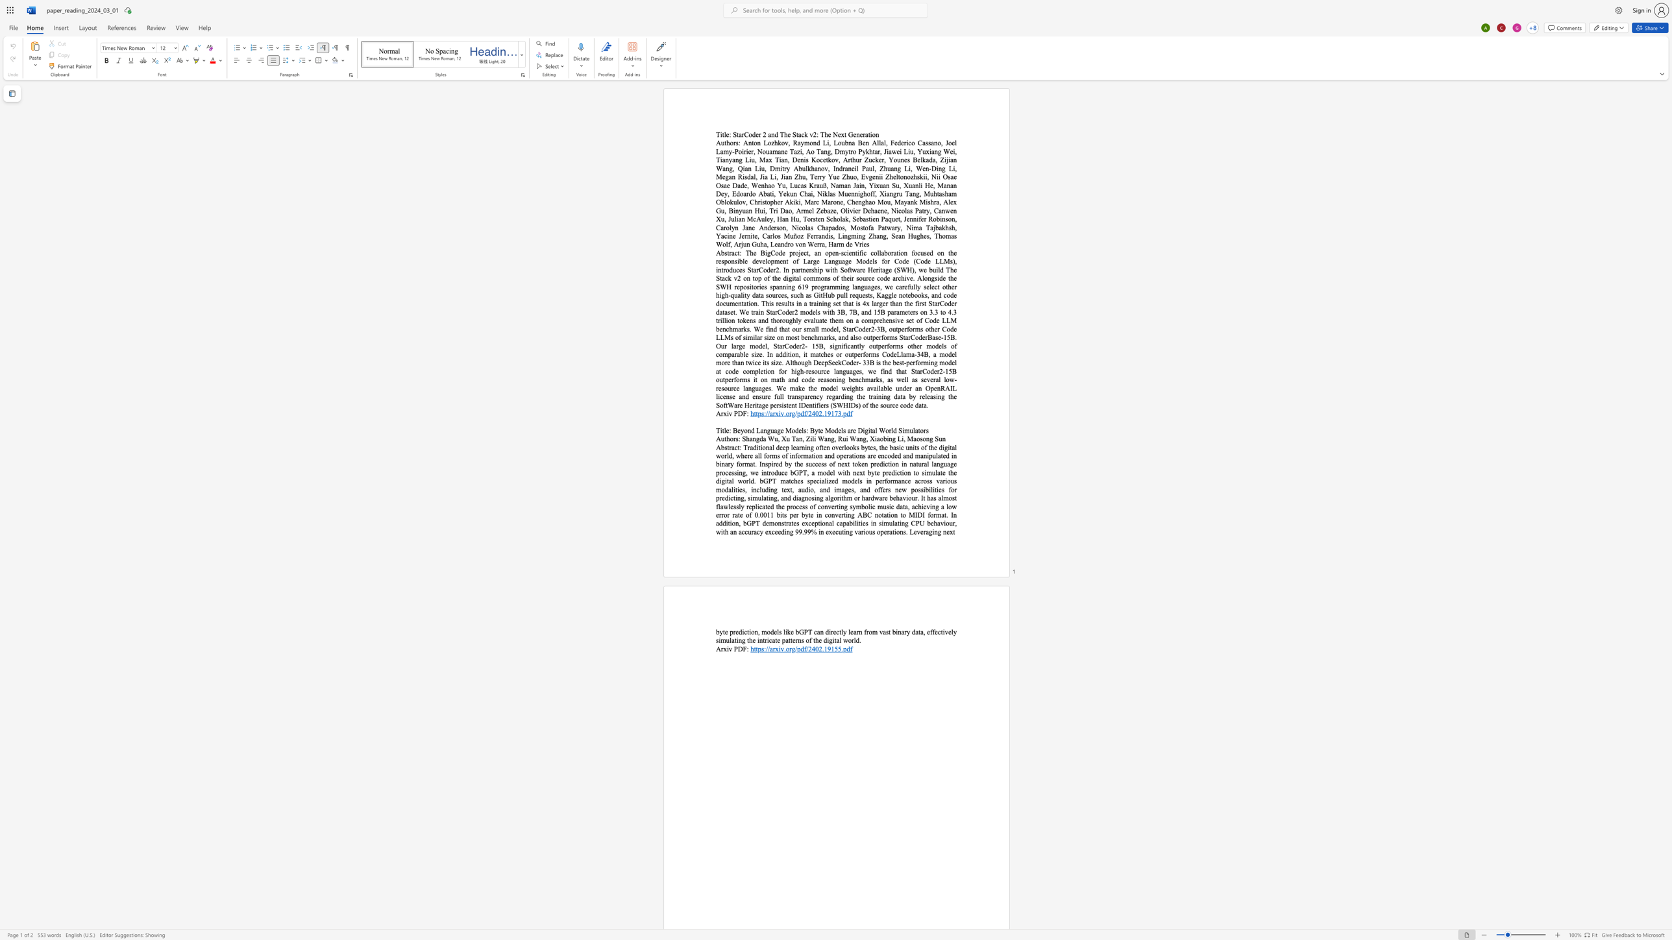 This screenshot has width=1672, height=940. What do you see at coordinates (809, 439) in the screenshot?
I see `the space between the continuous character "Z" and "i" in the text` at bounding box center [809, 439].